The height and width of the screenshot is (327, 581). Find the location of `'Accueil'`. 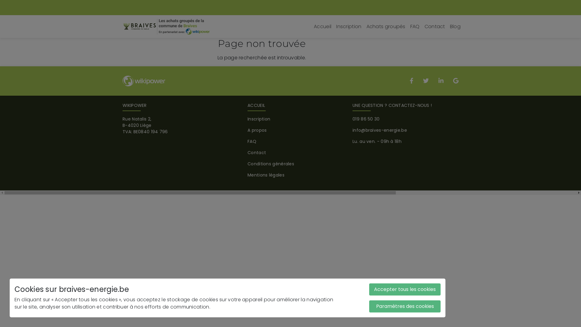

'Accueil' is located at coordinates (322, 26).